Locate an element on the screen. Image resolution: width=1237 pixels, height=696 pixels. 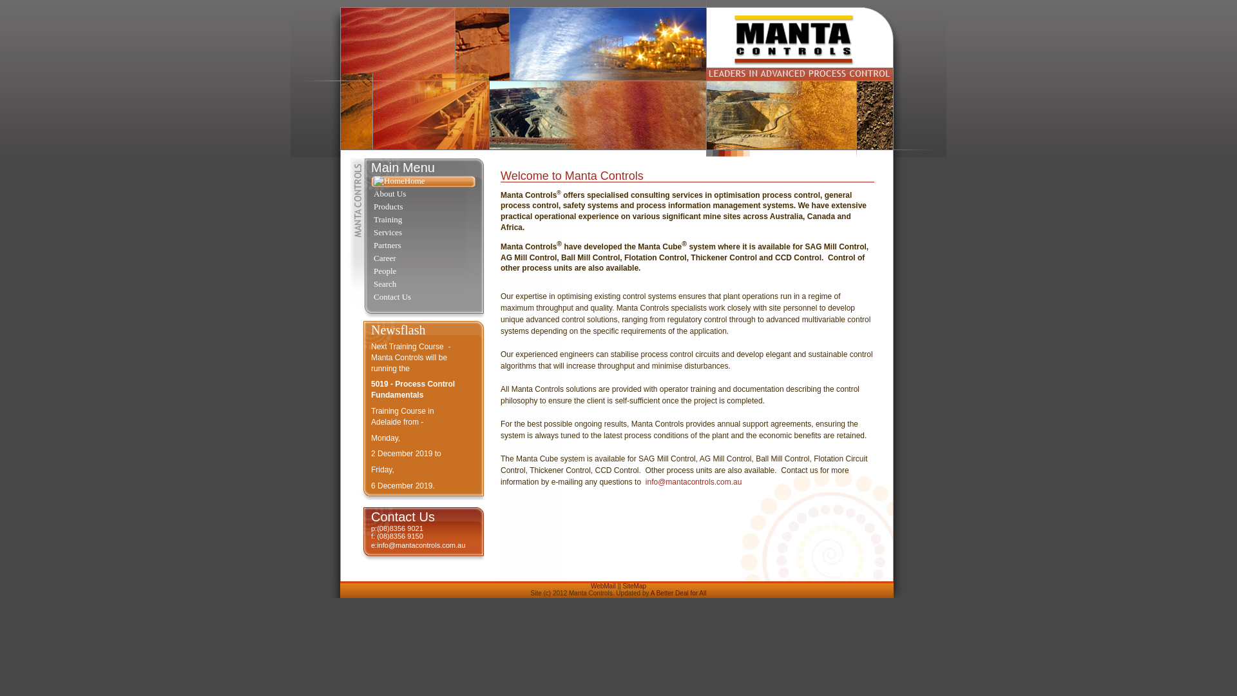
'People' is located at coordinates (423, 271).